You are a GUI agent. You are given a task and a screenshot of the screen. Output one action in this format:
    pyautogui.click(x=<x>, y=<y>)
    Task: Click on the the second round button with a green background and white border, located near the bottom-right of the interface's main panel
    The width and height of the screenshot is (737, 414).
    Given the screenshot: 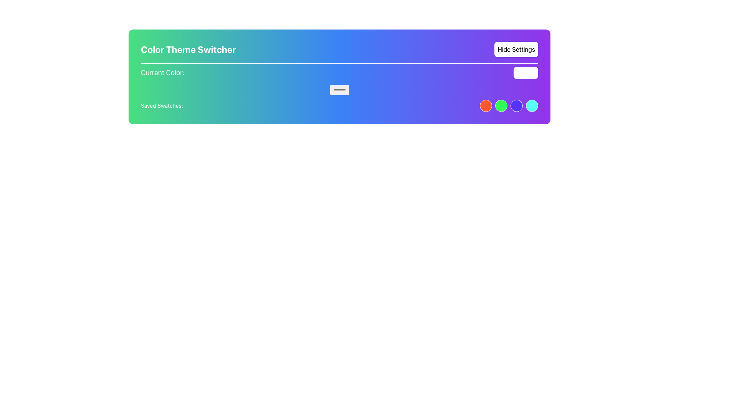 What is the action you would take?
    pyautogui.click(x=501, y=106)
    